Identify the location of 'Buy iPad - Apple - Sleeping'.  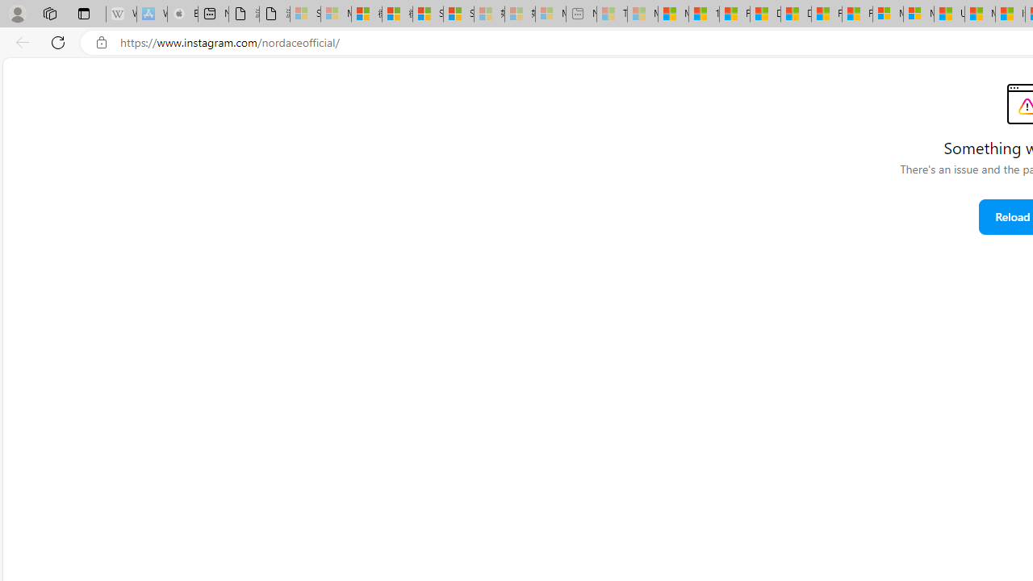
(182, 14).